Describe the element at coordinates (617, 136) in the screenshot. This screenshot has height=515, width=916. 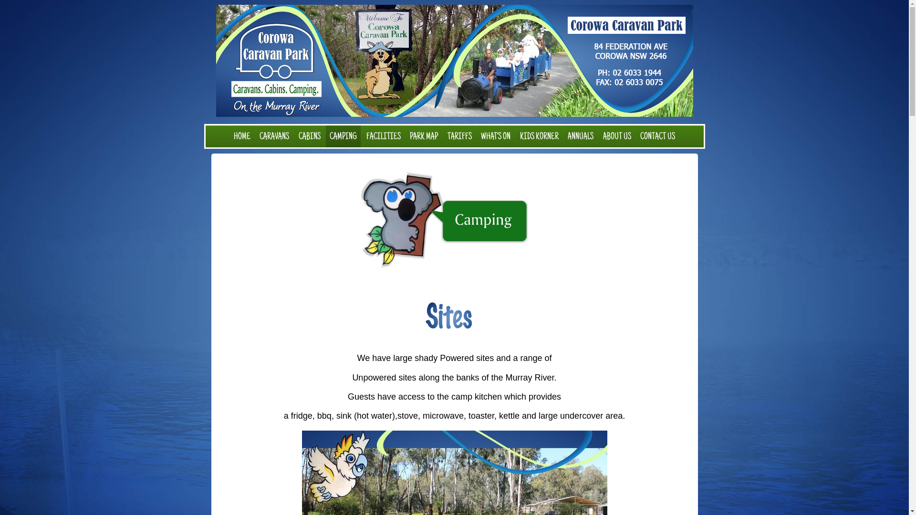
I see `'ABOUT US'` at that location.